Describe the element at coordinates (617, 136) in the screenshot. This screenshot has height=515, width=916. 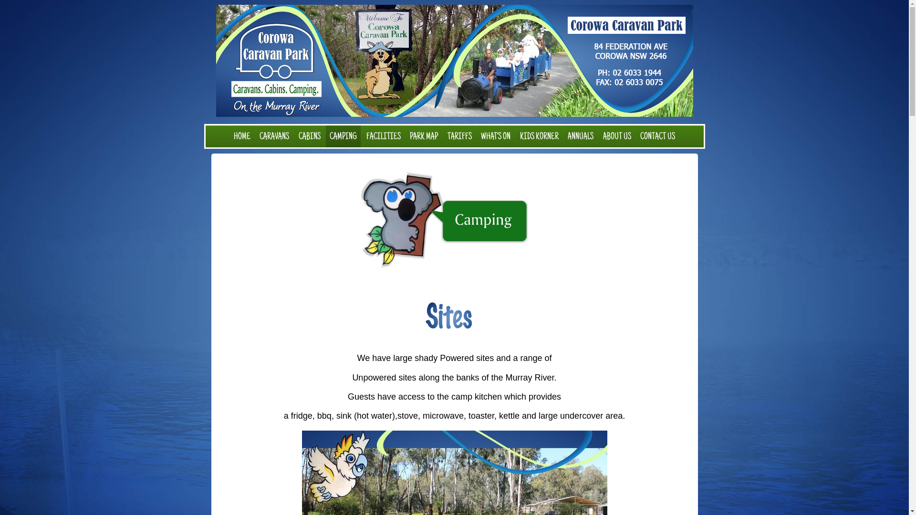
I see `'ABOUT US'` at that location.